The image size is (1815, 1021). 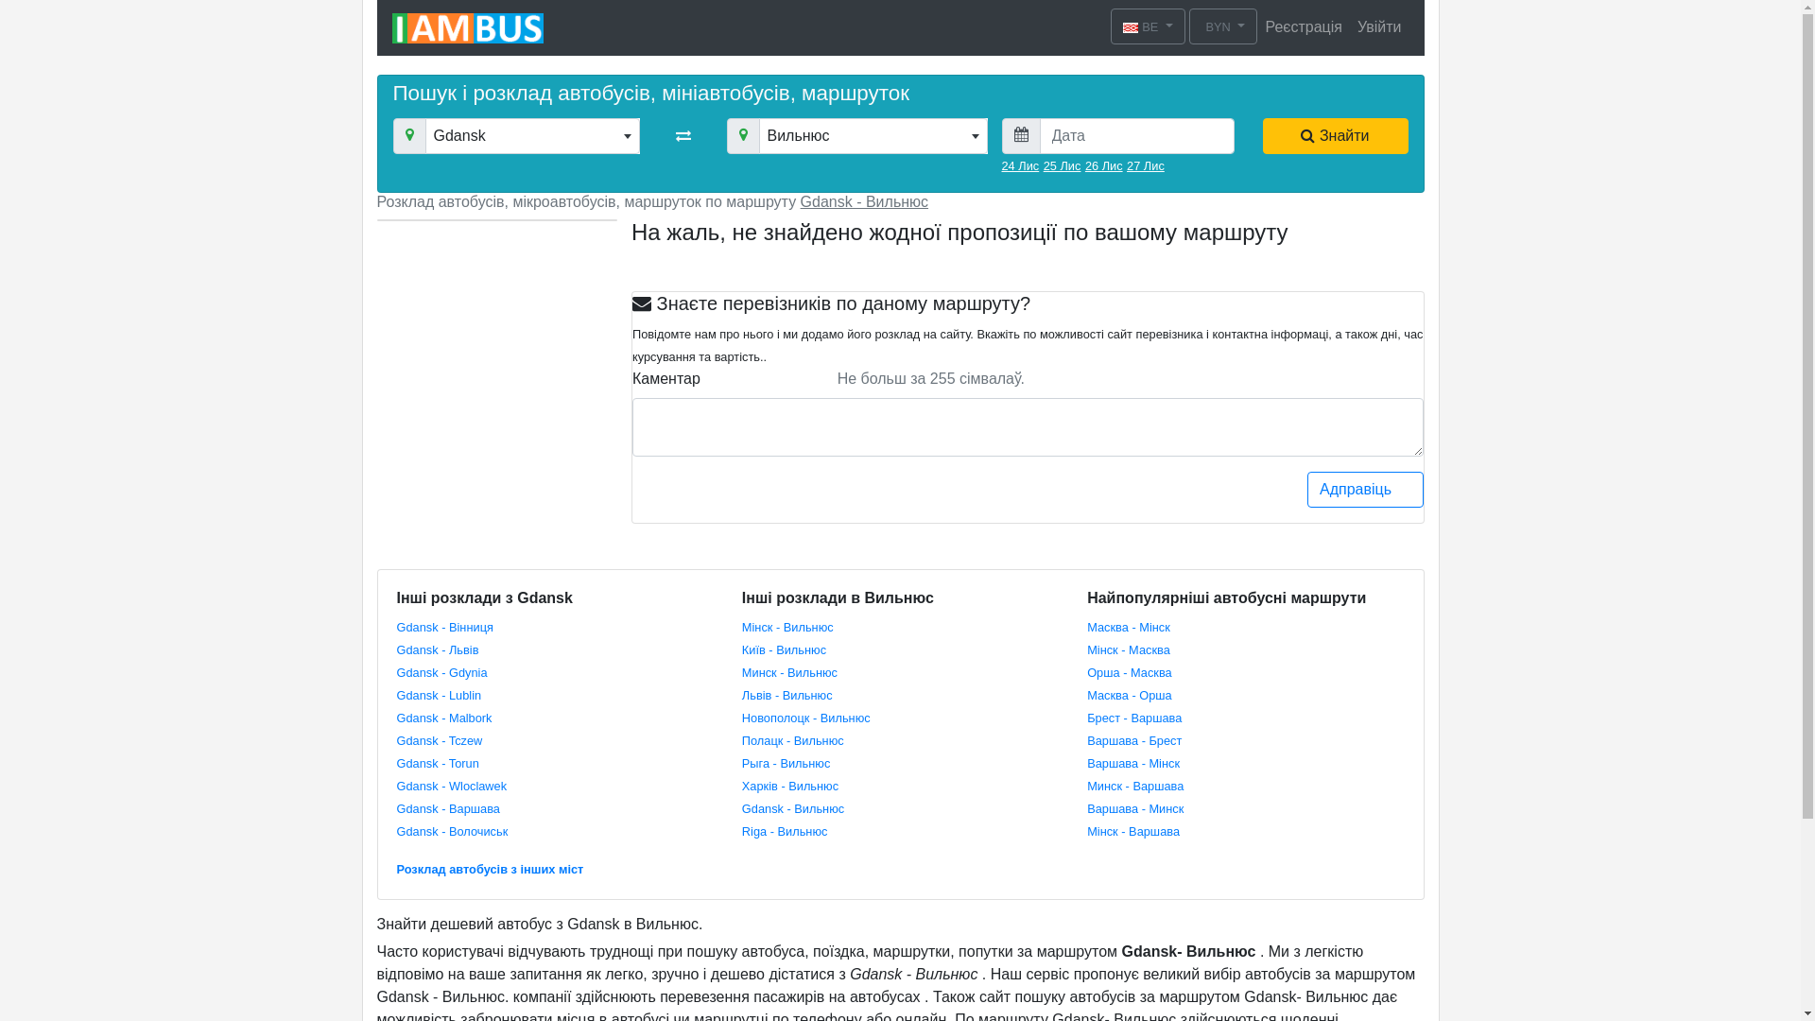 I want to click on 'BE', so click(x=1111, y=26).